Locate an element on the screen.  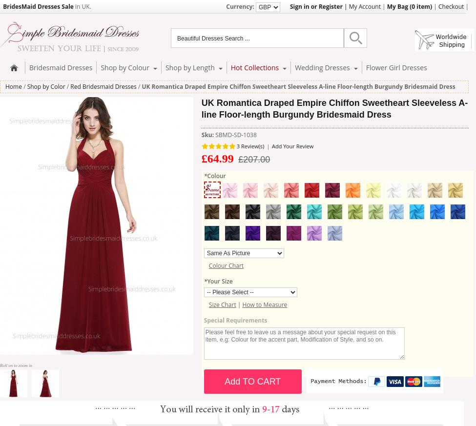
'How to Measure' is located at coordinates (264, 304).